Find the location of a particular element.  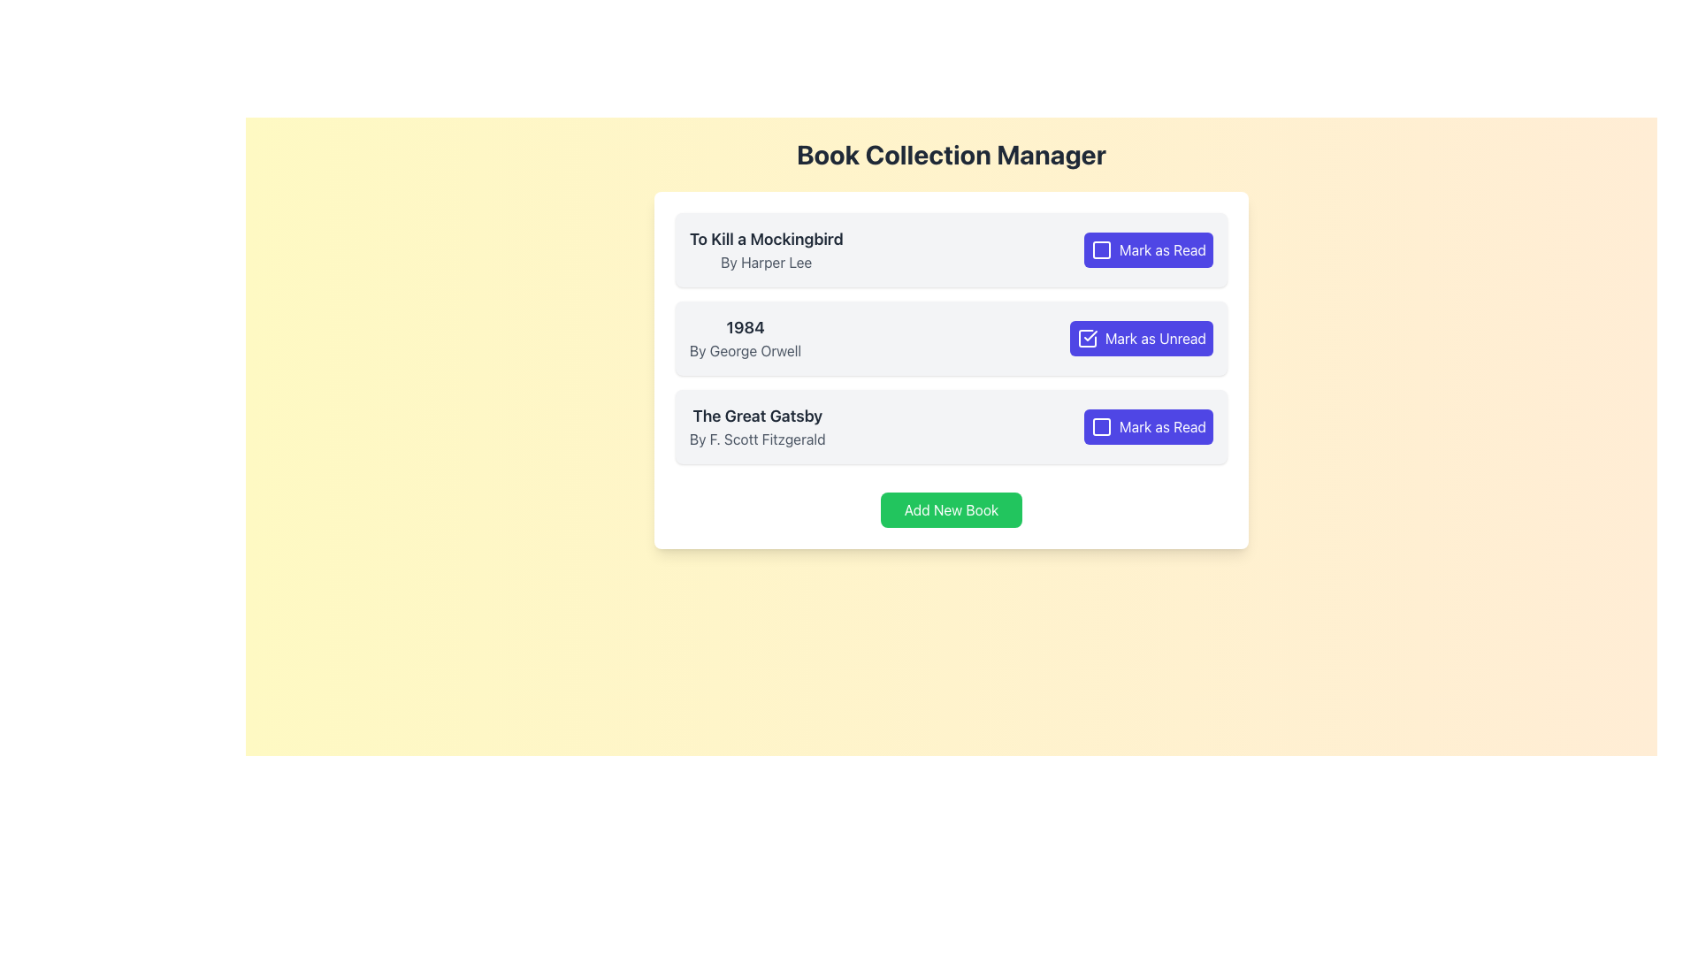

the rectangular indigo 'Mark as Unread' button with rounded corners, which displays white text and a checkbox icon is located at coordinates (1141, 338).